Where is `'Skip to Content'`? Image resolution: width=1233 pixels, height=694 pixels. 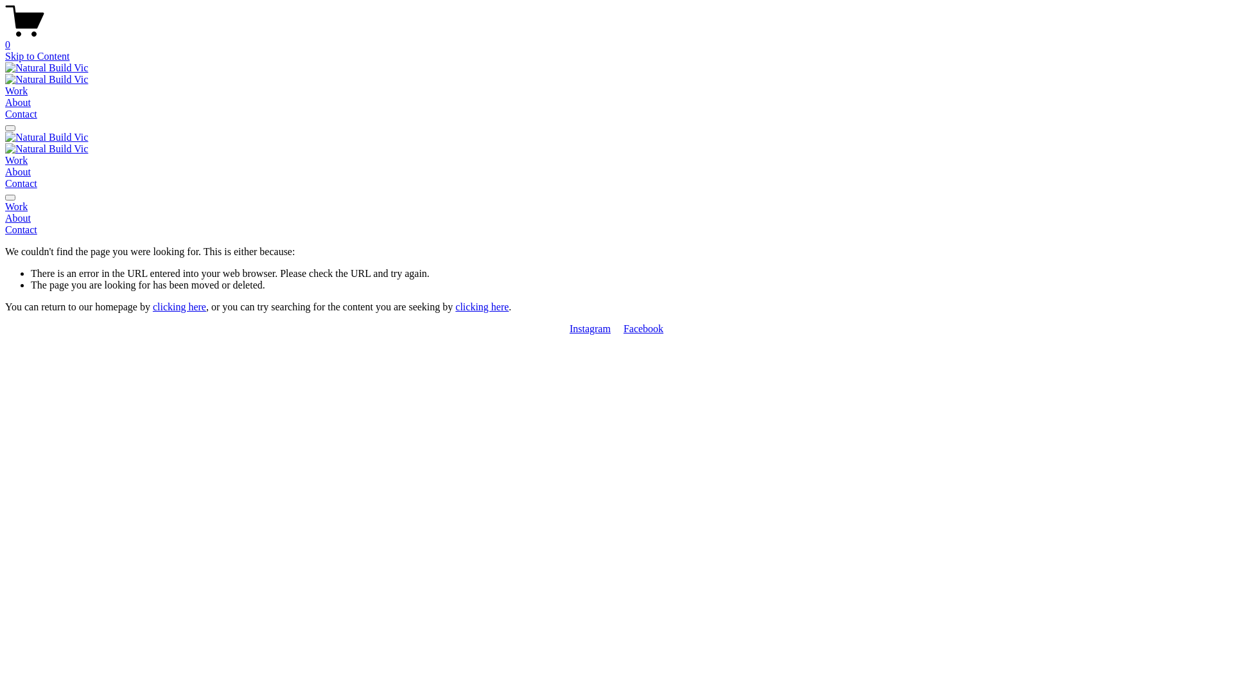
'Skip to Content' is located at coordinates (37, 55).